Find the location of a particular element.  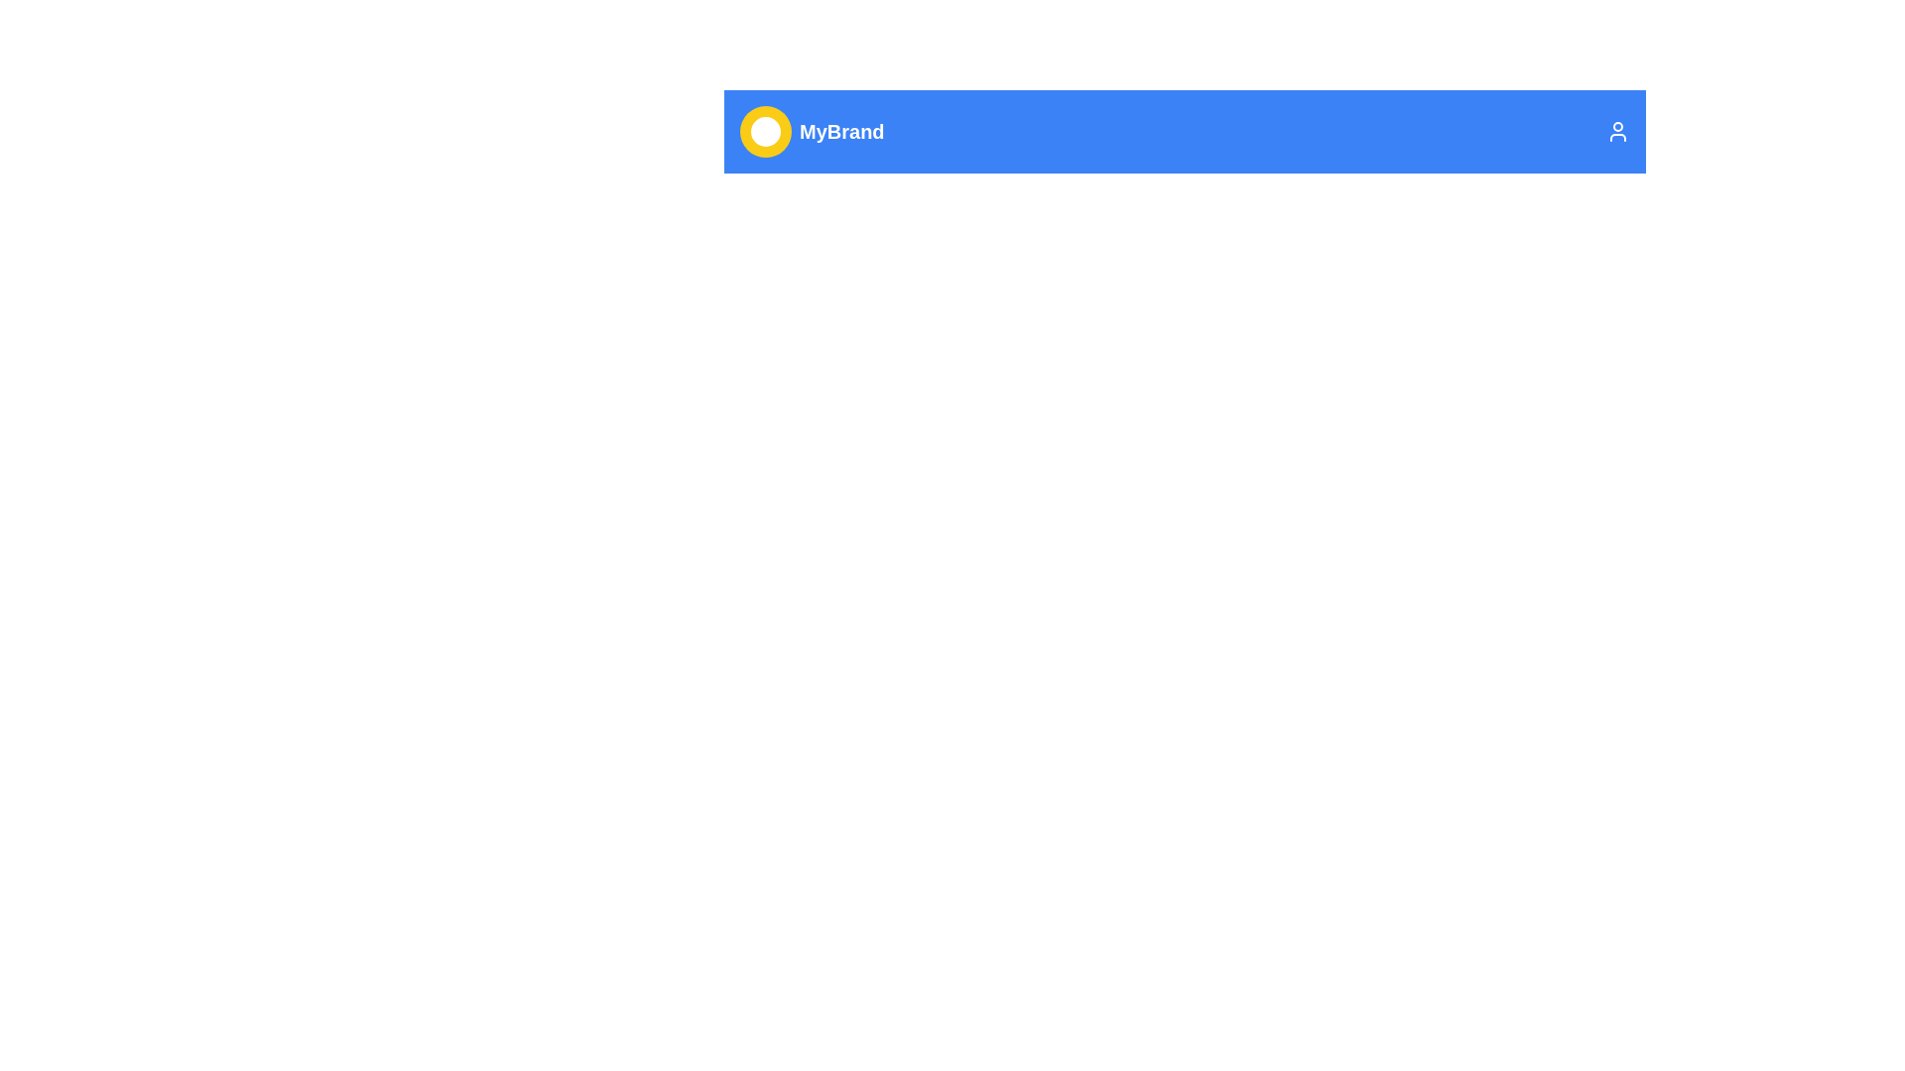

the 'MyBrand' text label displayed in bold and large font on a blue background, located in the header section, immediately to the right of a circular yellow icon is located at coordinates (841, 131).